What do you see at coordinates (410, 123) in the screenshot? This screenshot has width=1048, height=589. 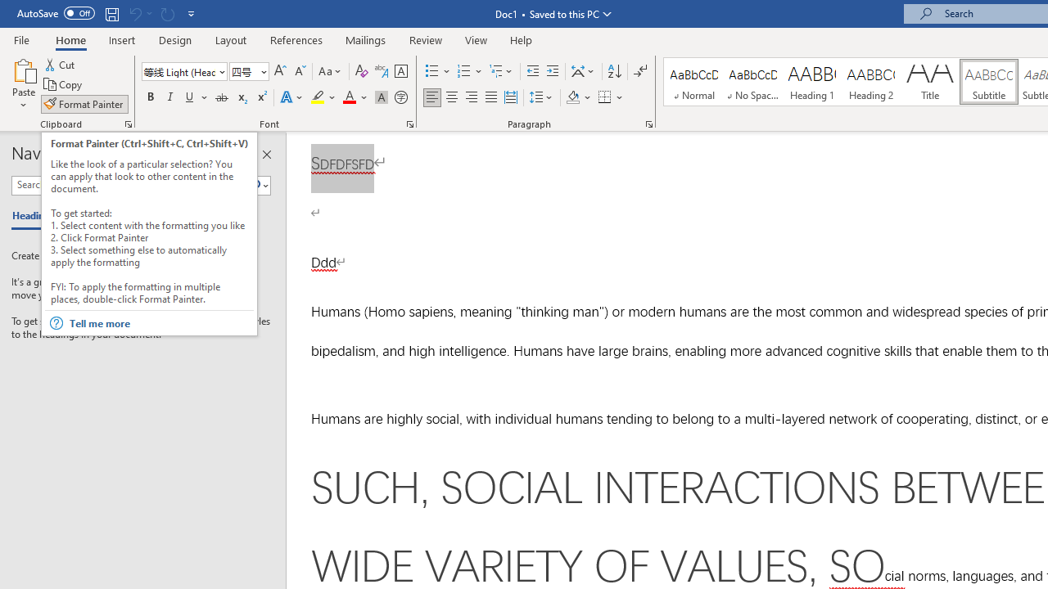 I see `'Font...'` at bounding box center [410, 123].